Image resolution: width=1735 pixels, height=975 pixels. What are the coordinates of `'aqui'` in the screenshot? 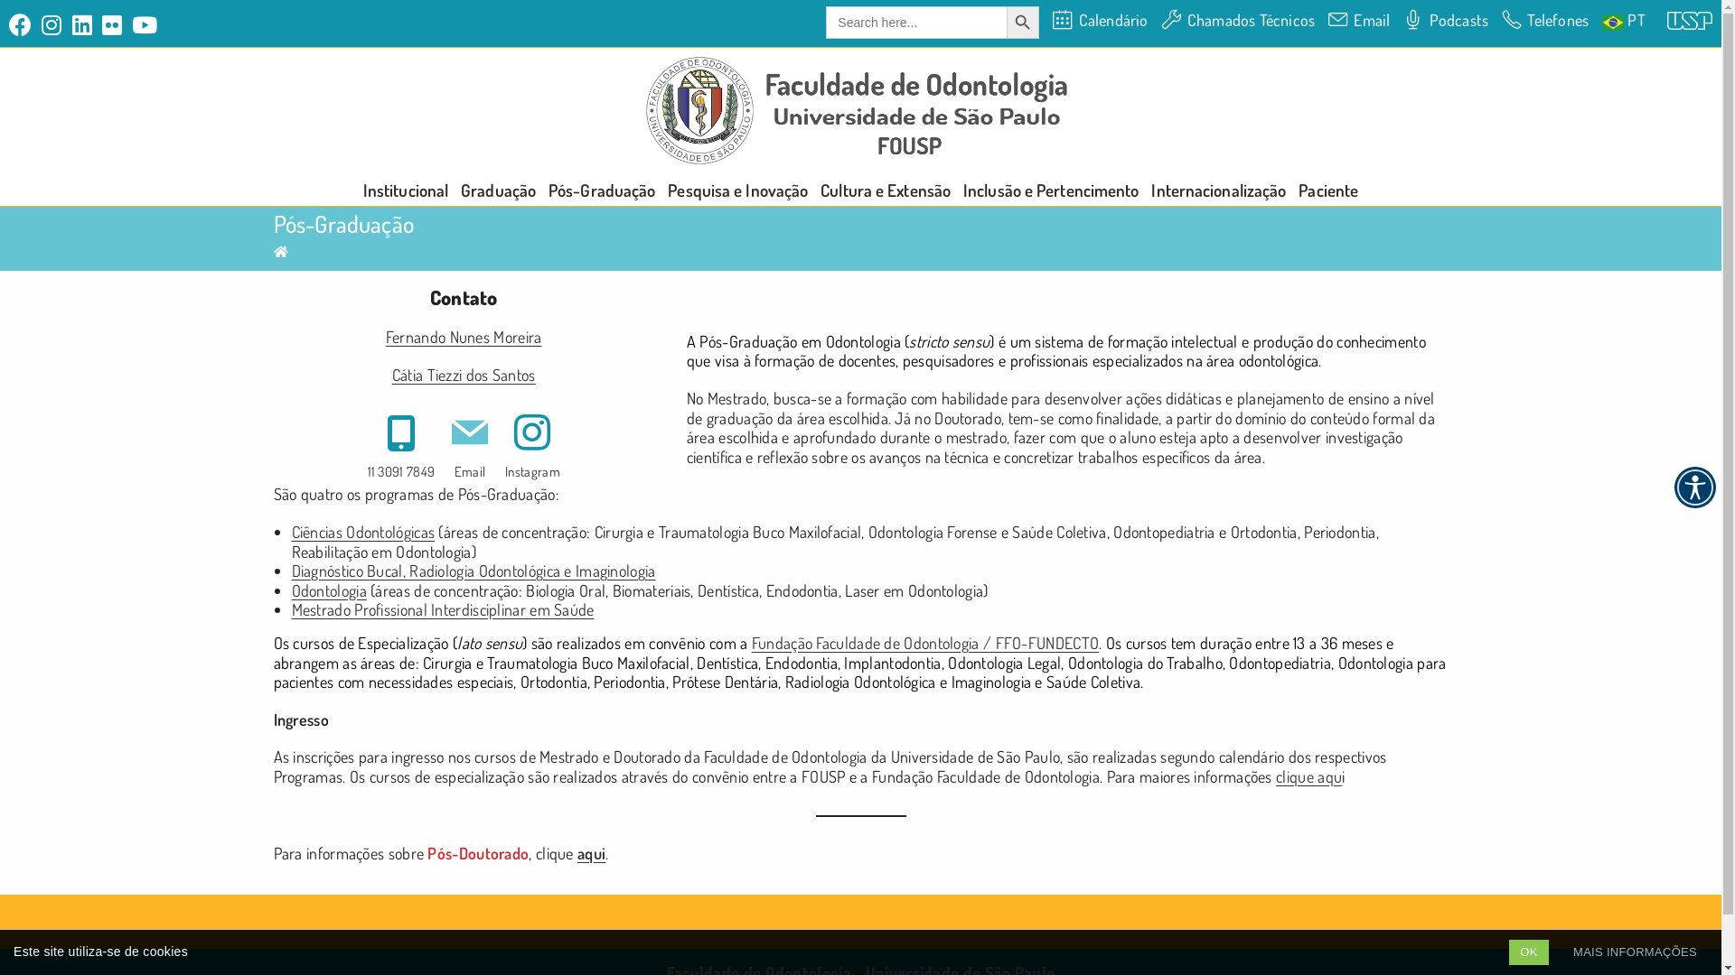 It's located at (591, 853).